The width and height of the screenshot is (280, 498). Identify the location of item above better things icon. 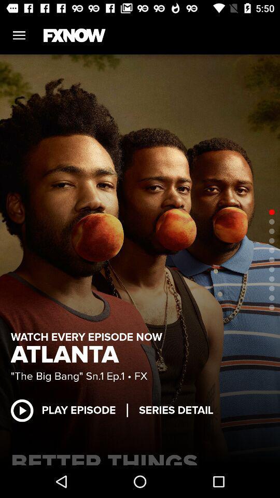
(175, 410).